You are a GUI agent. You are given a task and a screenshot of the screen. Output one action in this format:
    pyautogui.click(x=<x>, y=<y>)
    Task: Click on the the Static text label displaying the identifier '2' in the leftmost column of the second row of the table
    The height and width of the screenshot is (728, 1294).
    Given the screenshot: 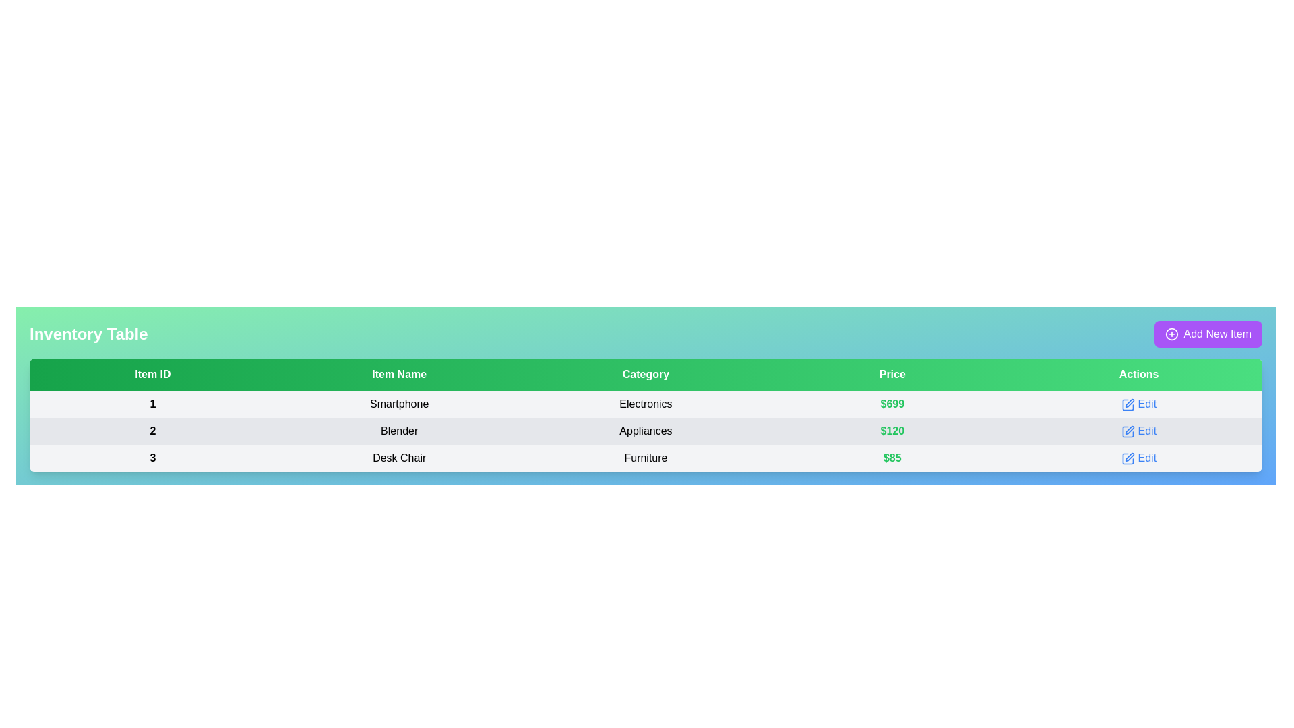 What is the action you would take?
    pyautogui.click(x=152, y=431)
    